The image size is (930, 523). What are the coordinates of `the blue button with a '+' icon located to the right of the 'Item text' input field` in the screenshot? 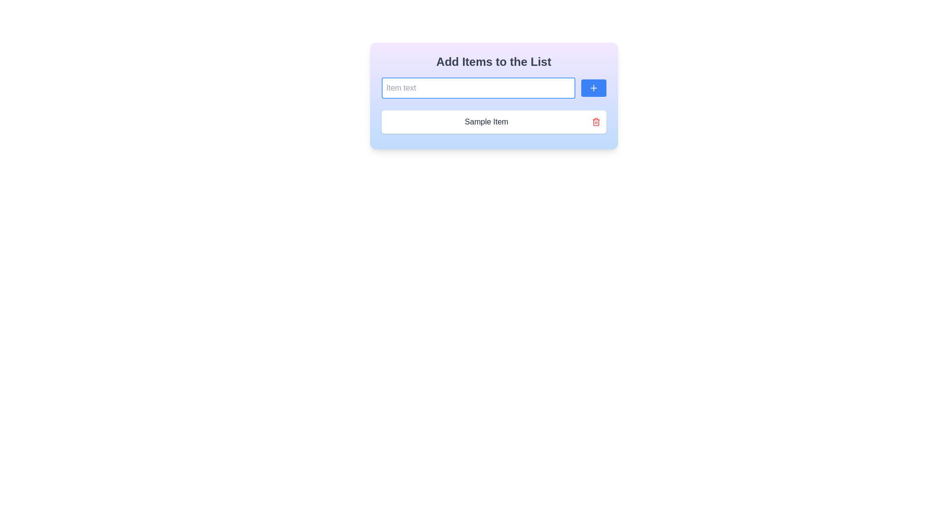 It's located at (593, 88).